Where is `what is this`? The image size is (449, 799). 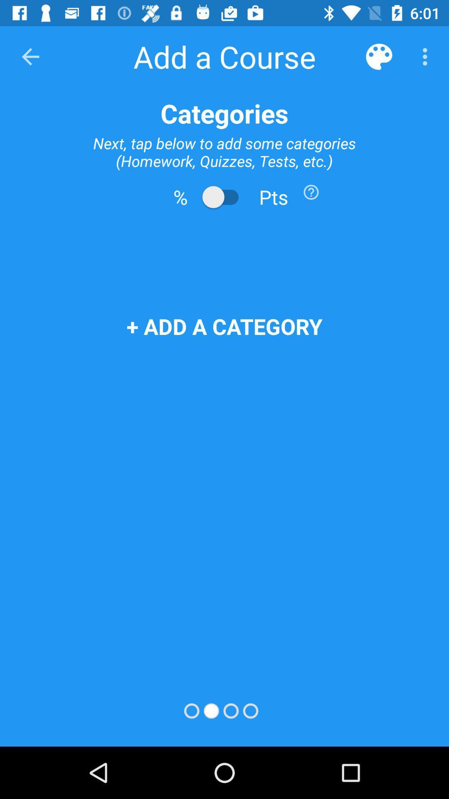 what is this is located at coordinates (311, 191).